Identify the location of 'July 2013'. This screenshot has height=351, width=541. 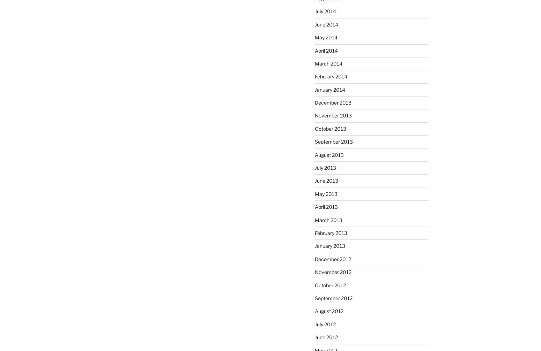
(314, 168).